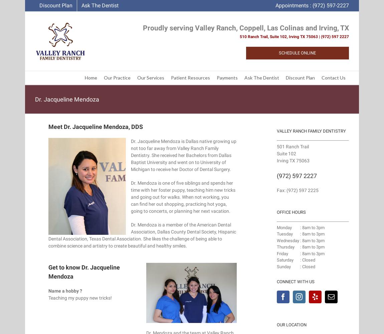  I want to click on 'Check Ups and Hygiene', so click(223, 90).